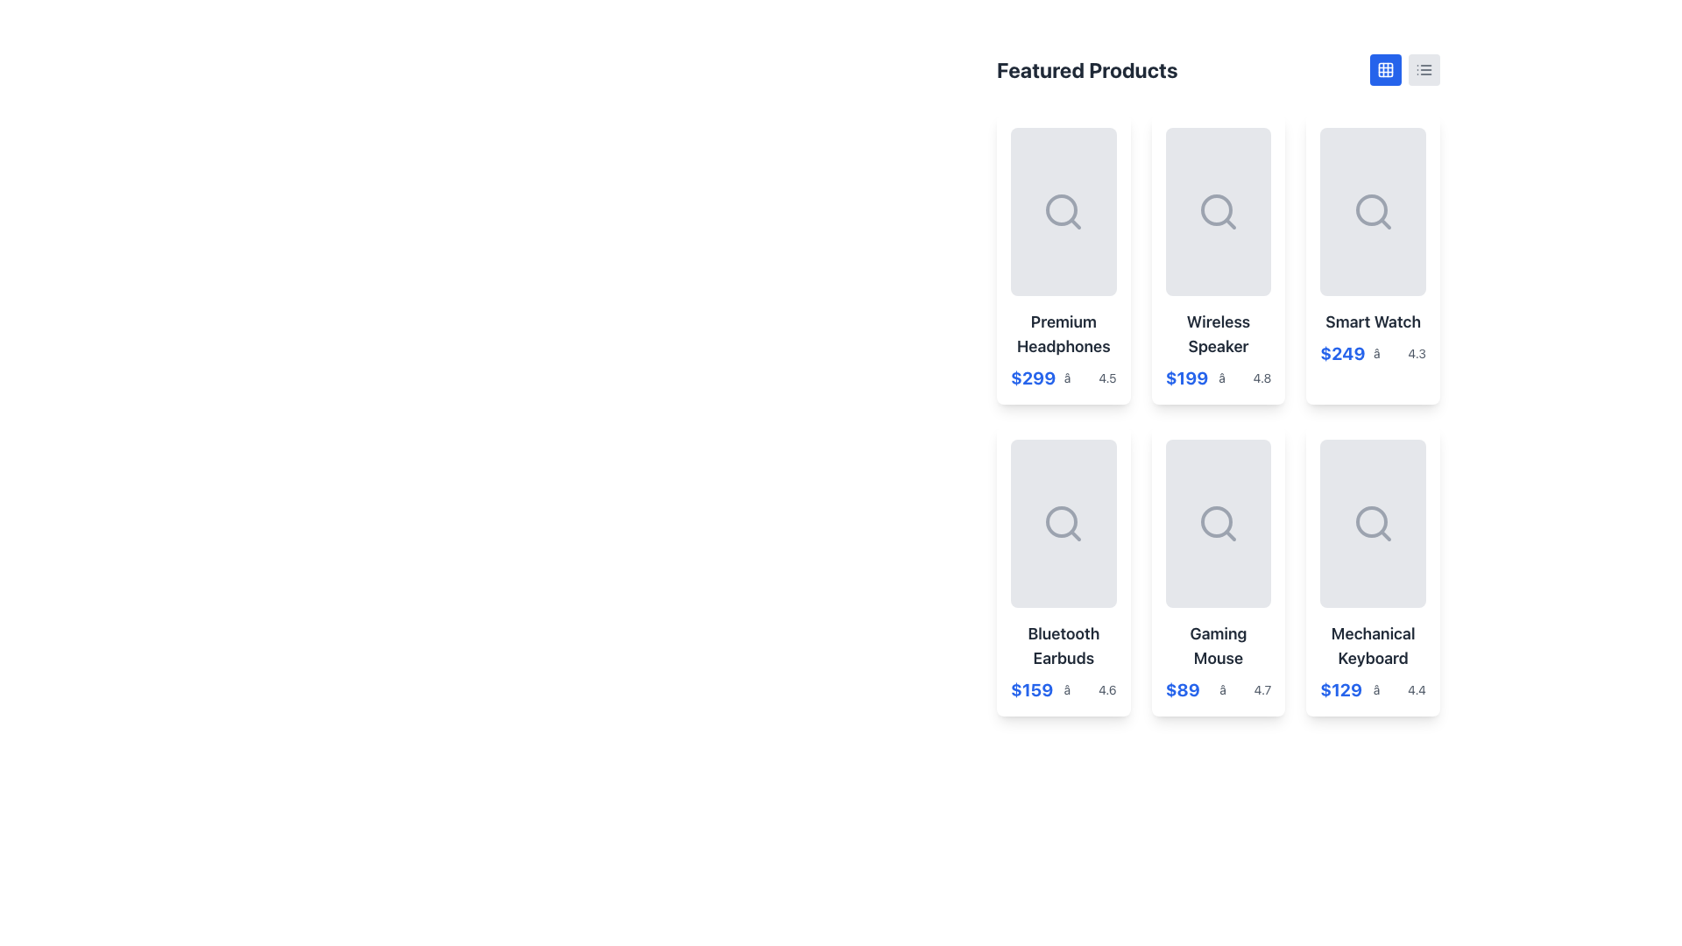  Describe the element at coordinates (1372, 259) in the screenshot. I see `the third product card in the first row of the grid layout` at that location.